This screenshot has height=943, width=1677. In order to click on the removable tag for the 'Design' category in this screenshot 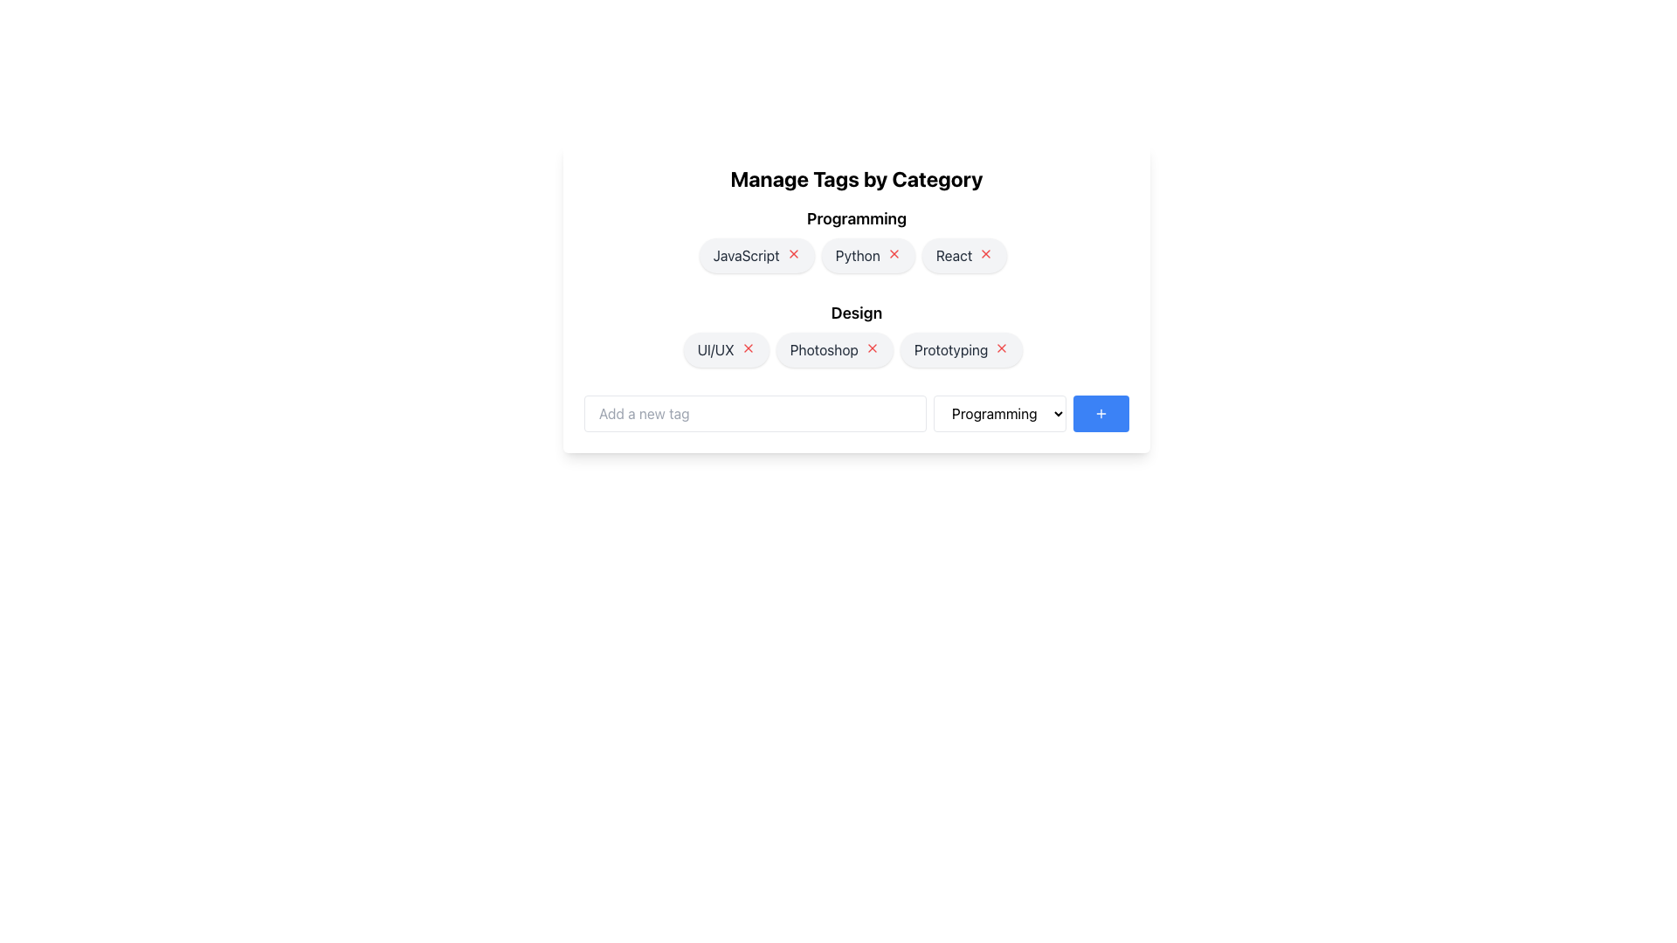, I will do `click(856, 354)`.